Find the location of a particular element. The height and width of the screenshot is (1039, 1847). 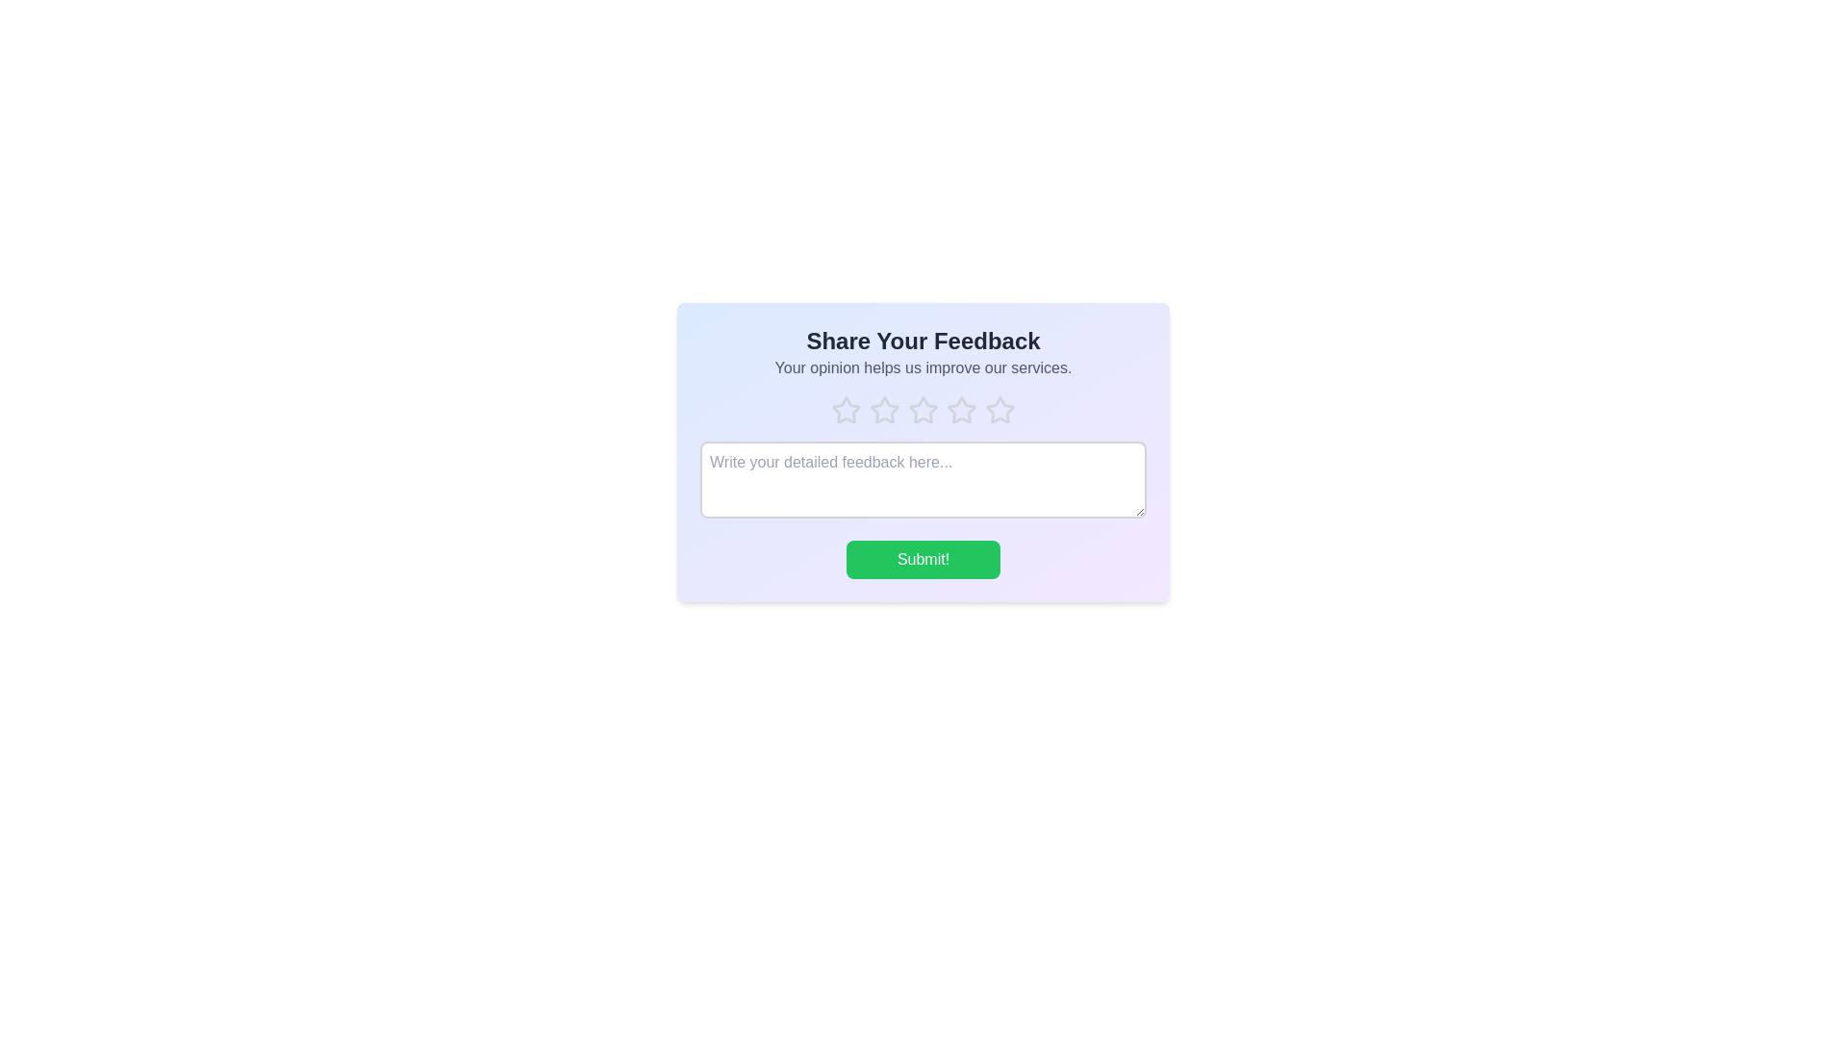

the rating to 2 by clicking on the corresponding star is located at coordinates (884, 410).